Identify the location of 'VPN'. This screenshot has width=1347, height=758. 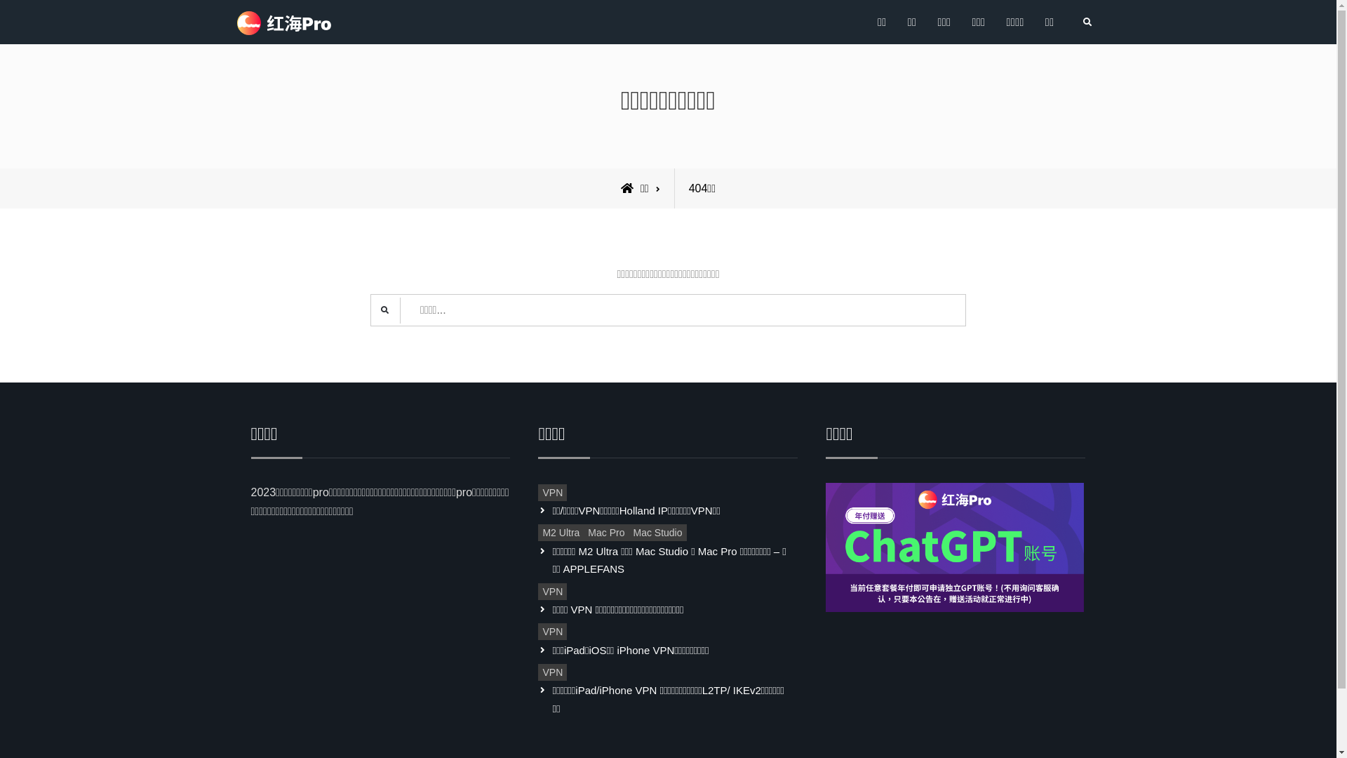
(551, 592).